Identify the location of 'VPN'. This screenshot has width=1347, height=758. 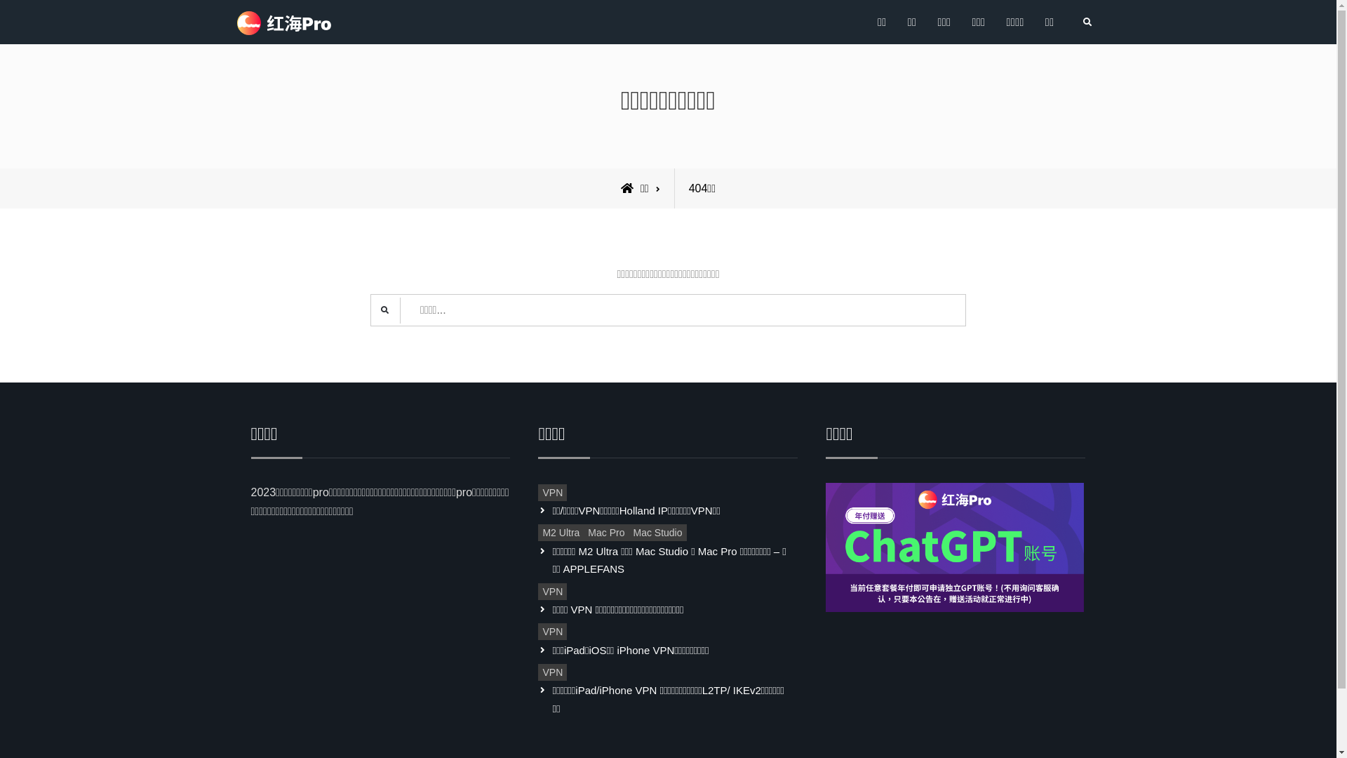
(551, 592).